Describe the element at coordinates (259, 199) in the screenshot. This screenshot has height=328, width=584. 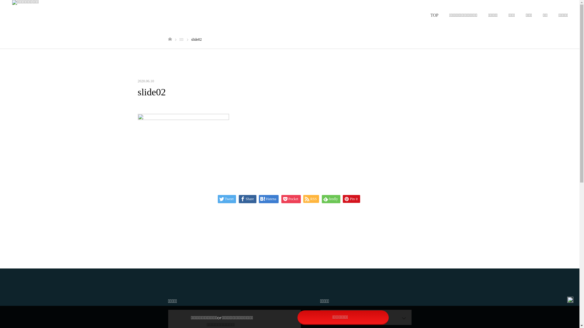
I see `'Hatena'` at that location.